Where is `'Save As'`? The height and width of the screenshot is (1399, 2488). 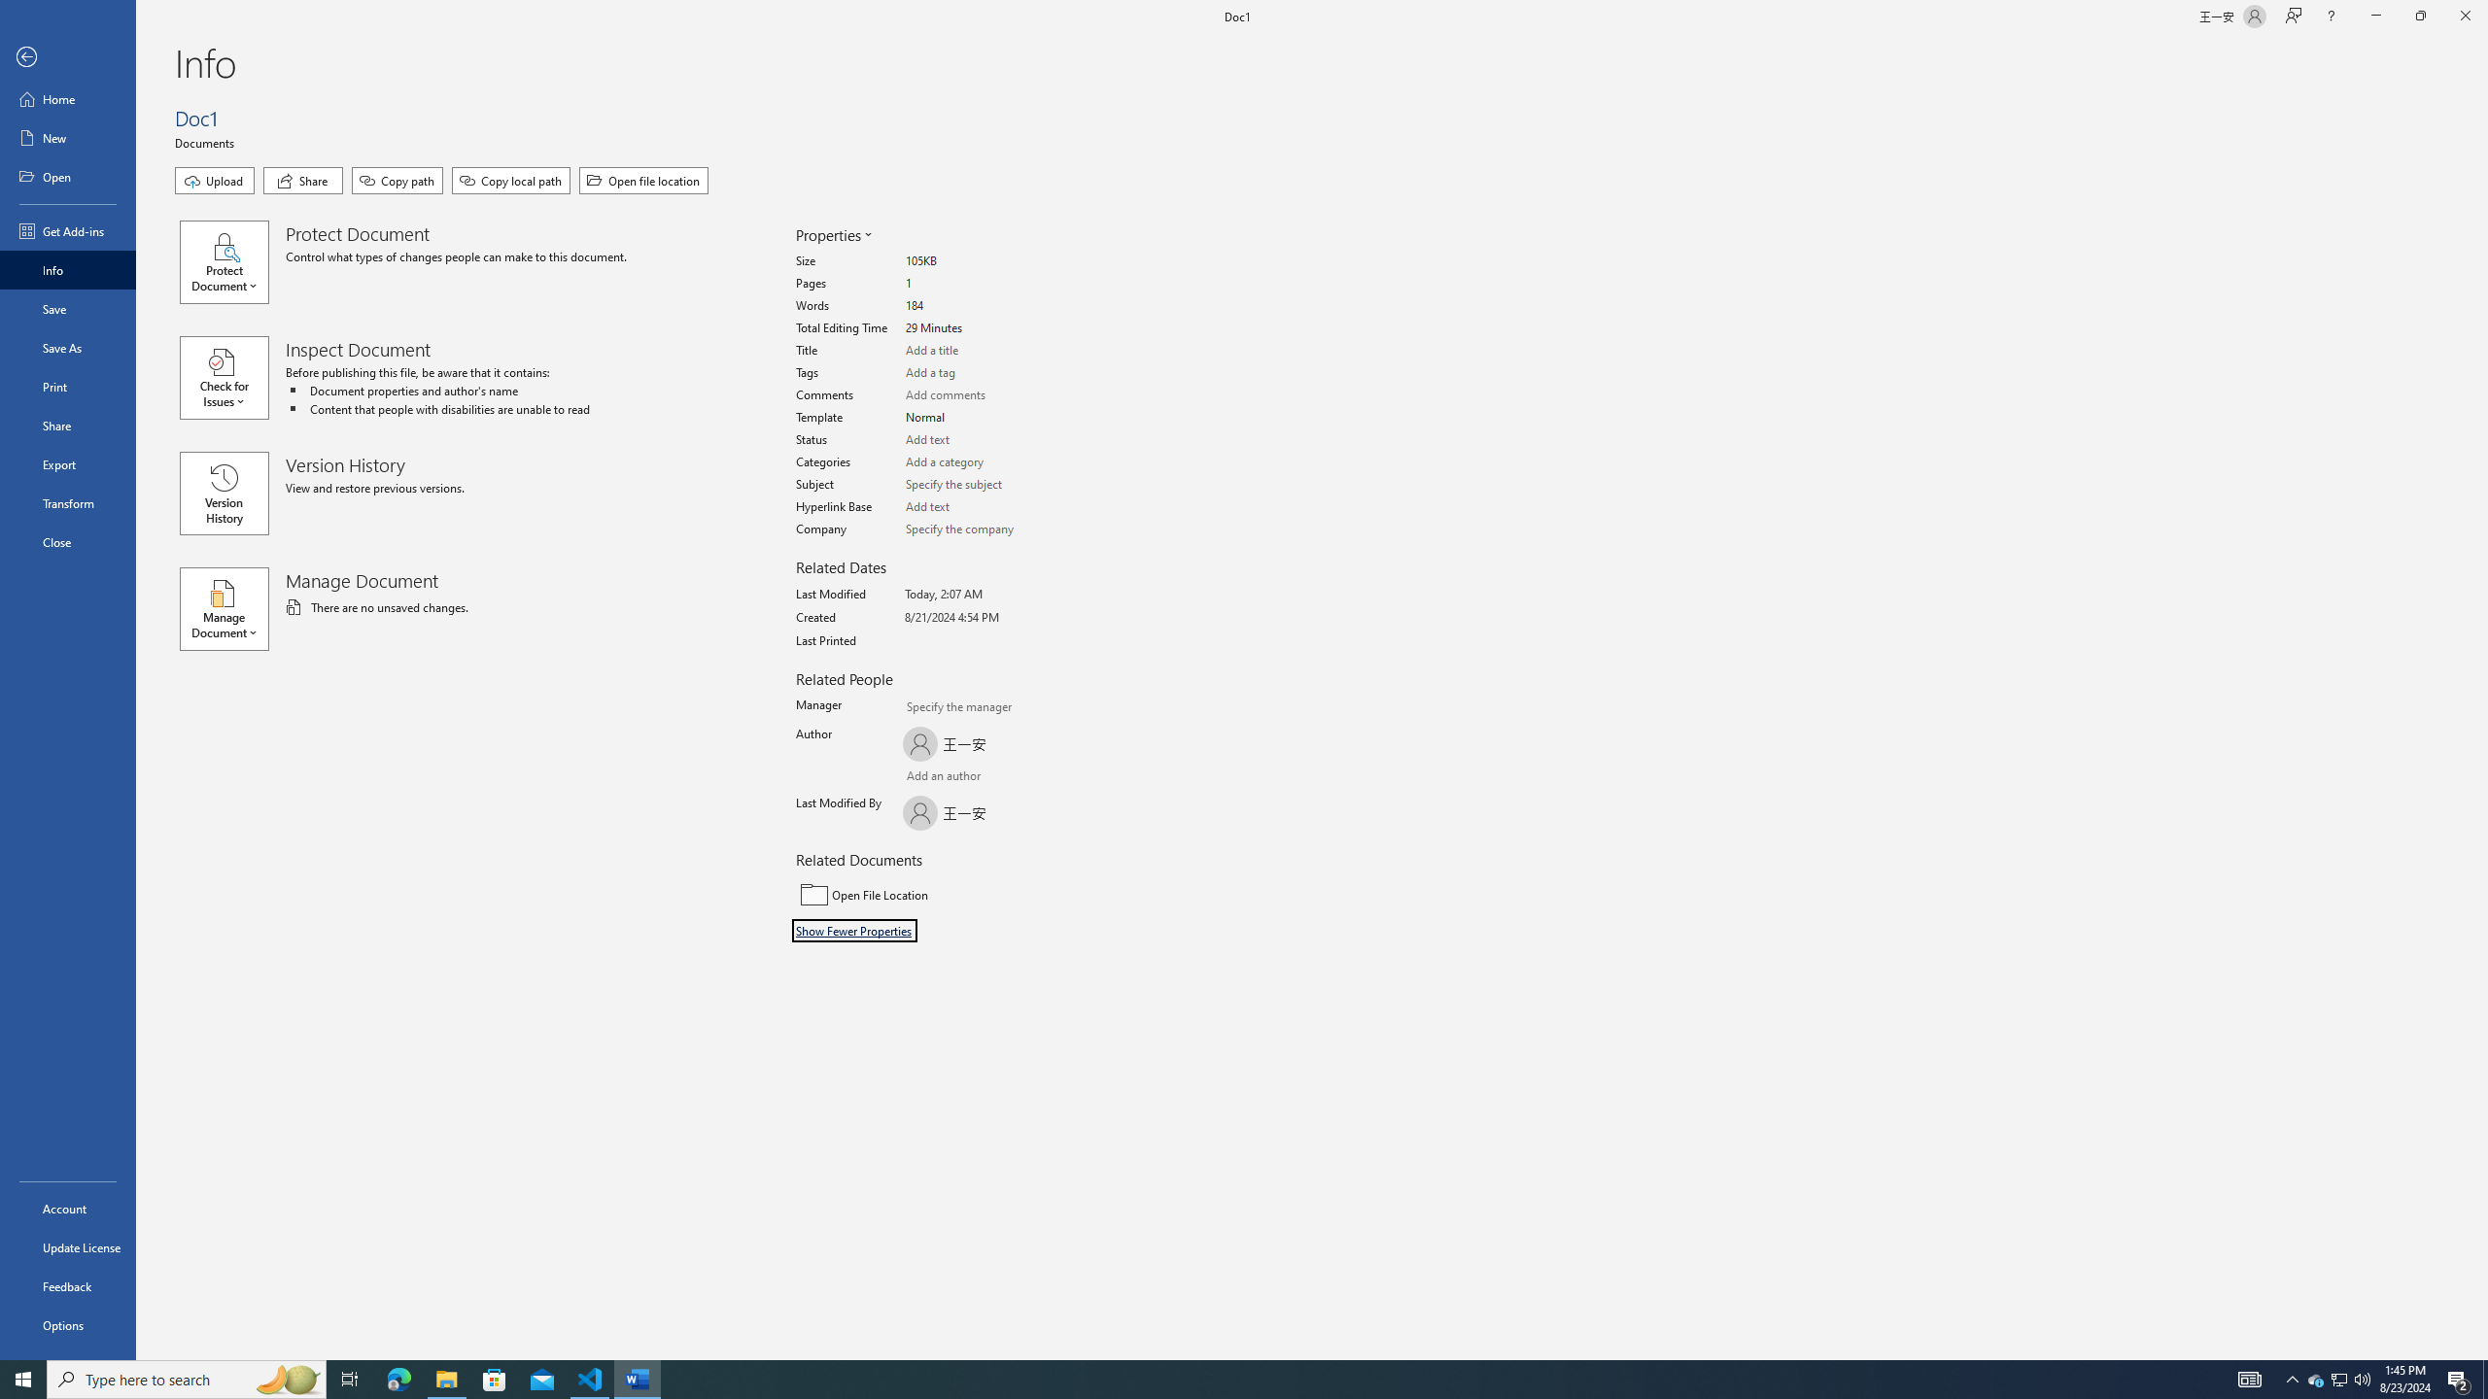
'Save As' is located at coordinates (67, 346).